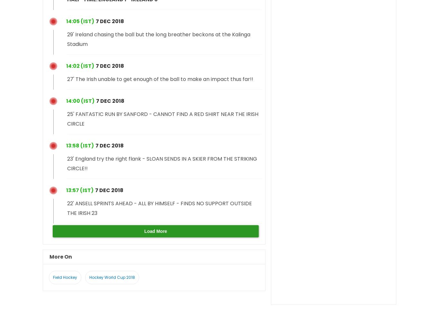  I want to click on '29' Ireland chasing the ball but the long breather beckons at the Kalinga Stadium', so click(158, 39).